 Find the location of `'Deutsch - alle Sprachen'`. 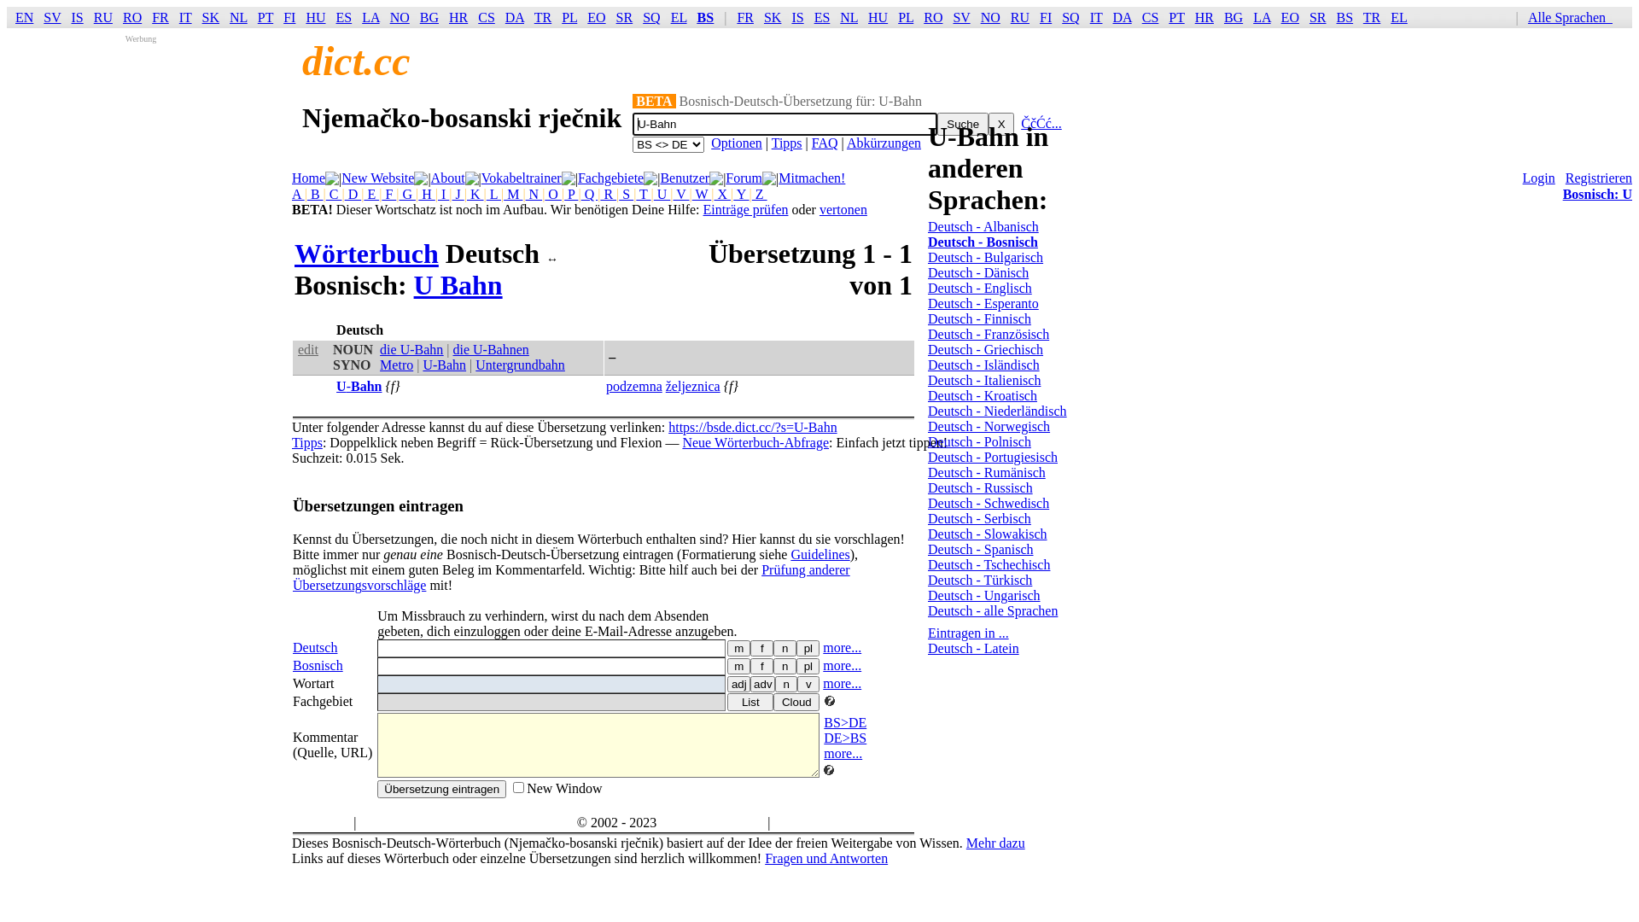

'Deutsch - alle Sprachen' is located at coordinates (926, 610).